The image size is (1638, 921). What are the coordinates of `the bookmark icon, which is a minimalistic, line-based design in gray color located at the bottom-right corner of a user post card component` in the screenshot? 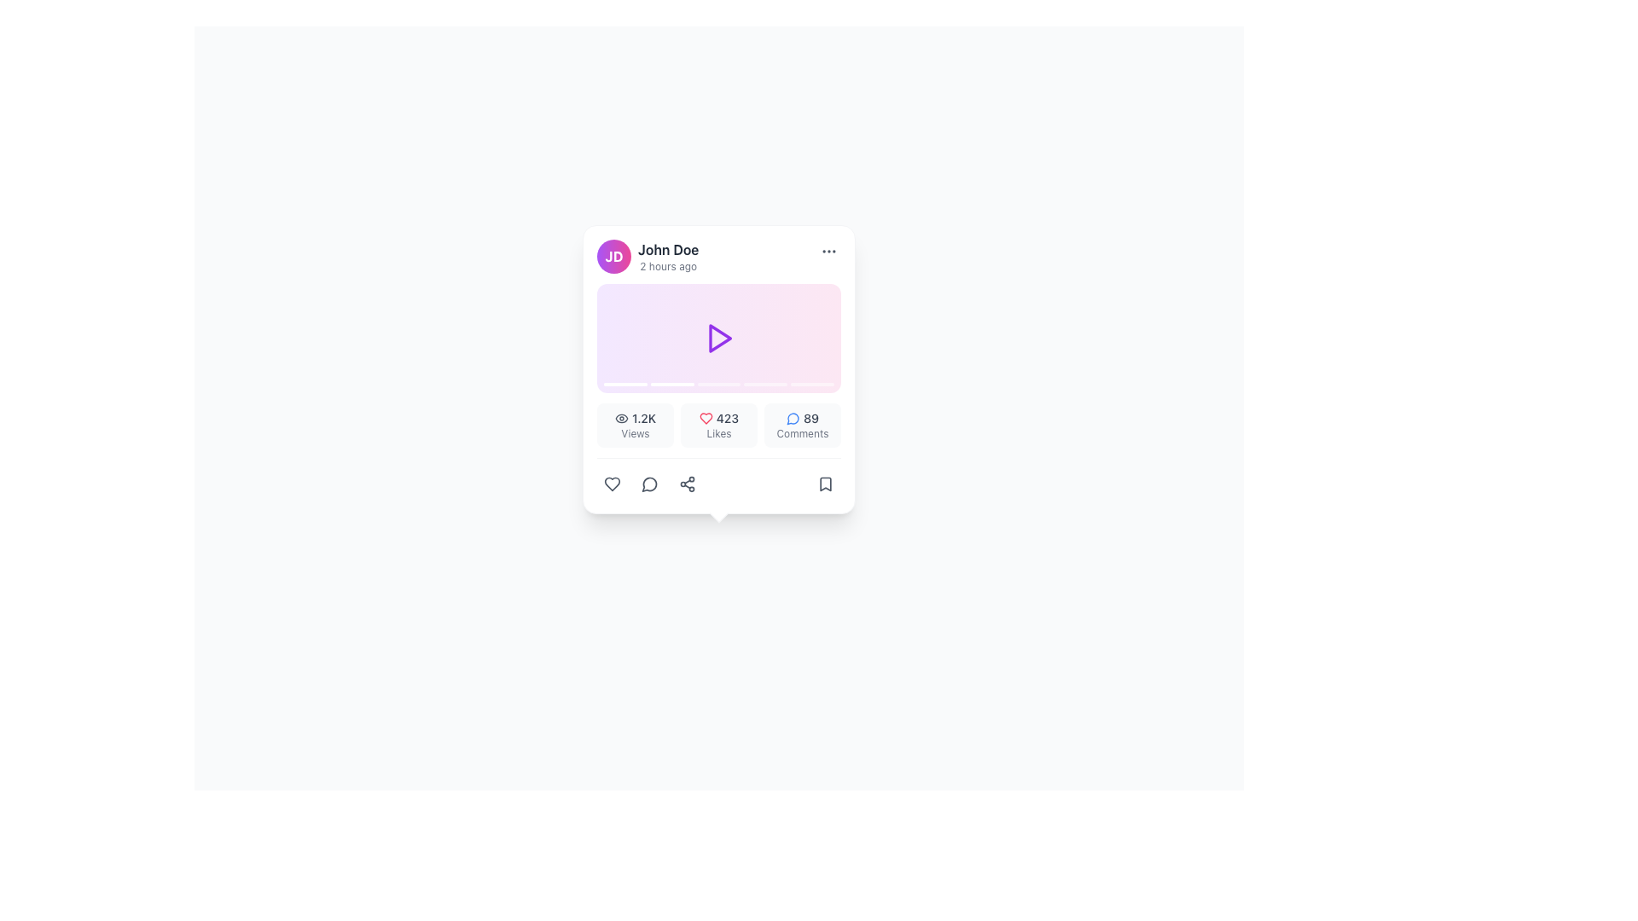 It's located at (826, 484).